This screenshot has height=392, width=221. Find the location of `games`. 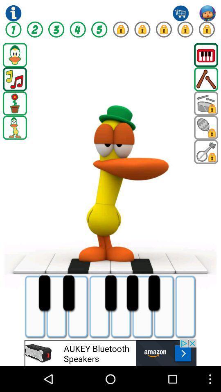

games is located at coordinates (78, 29).